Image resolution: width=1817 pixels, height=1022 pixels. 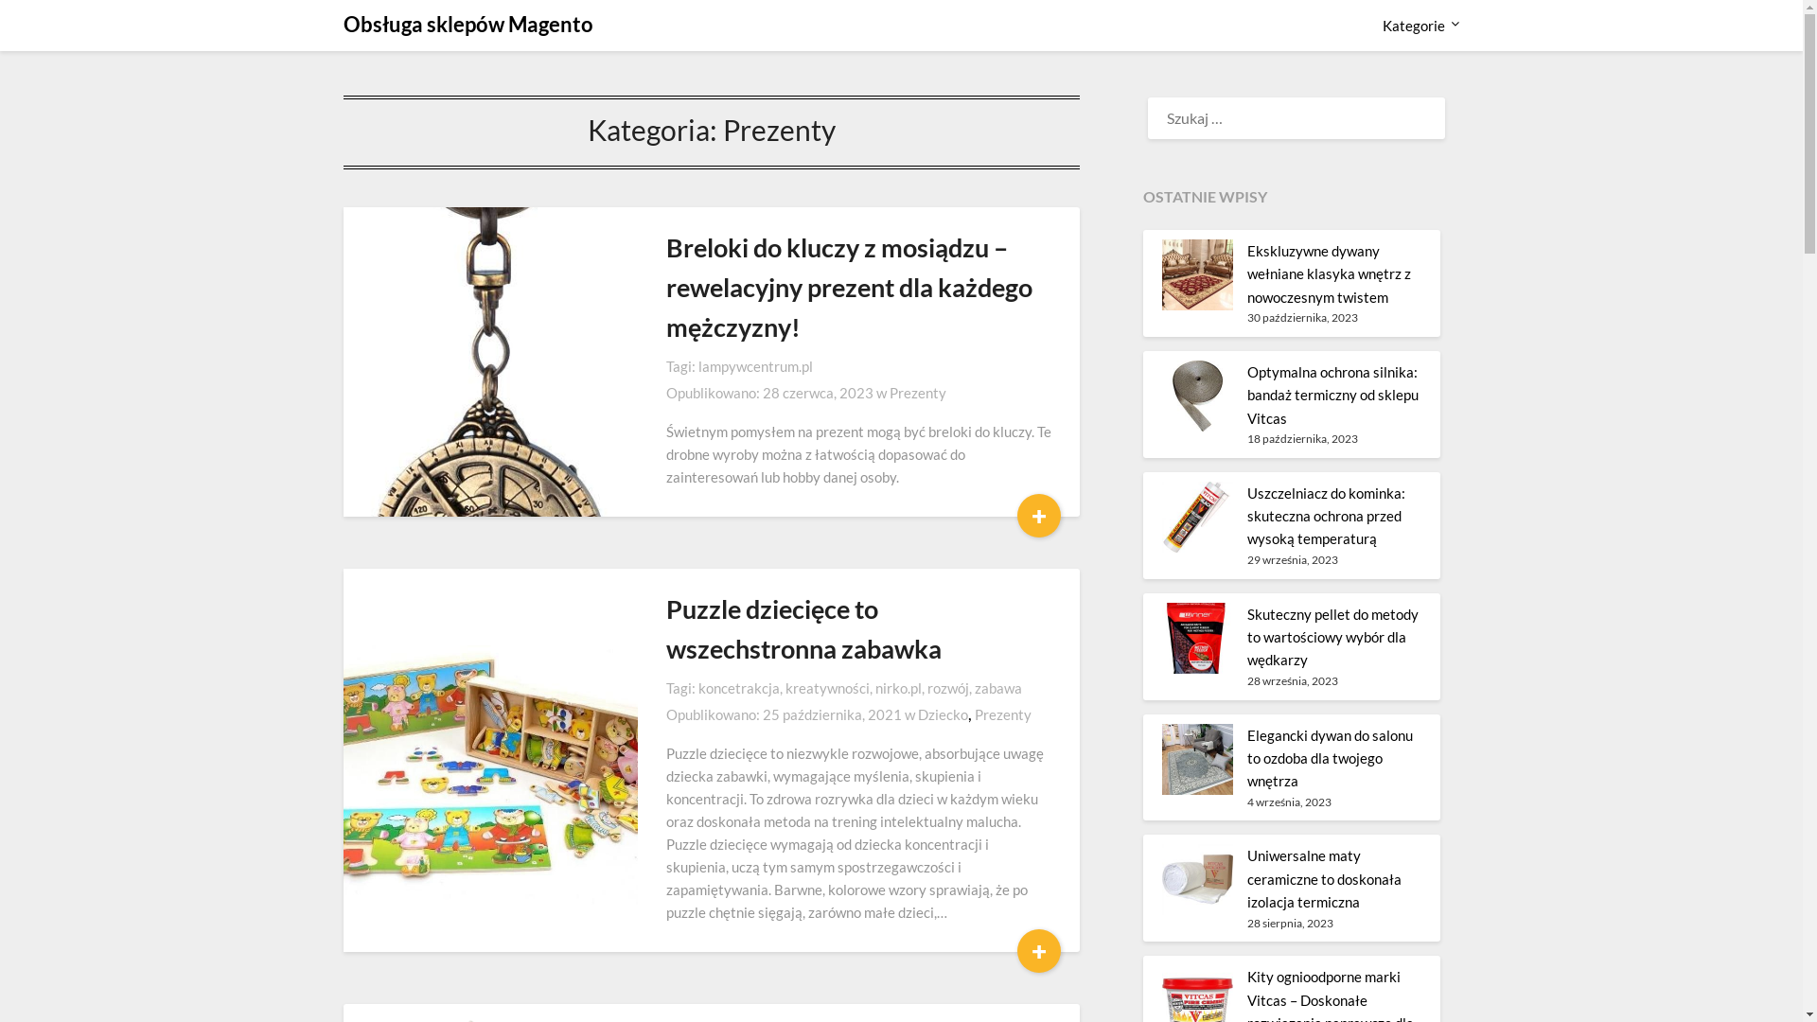 I want to click on 'Dziecko', so click(x=943, y=714).